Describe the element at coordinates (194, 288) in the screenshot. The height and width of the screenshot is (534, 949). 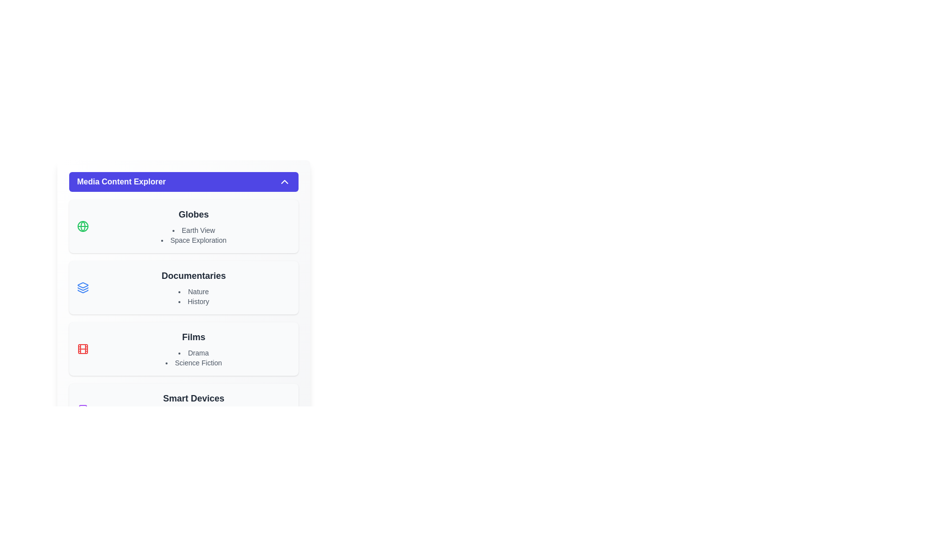
I see `the 'Documentaries' navigational element, which is the second entry in the list view` at that location.